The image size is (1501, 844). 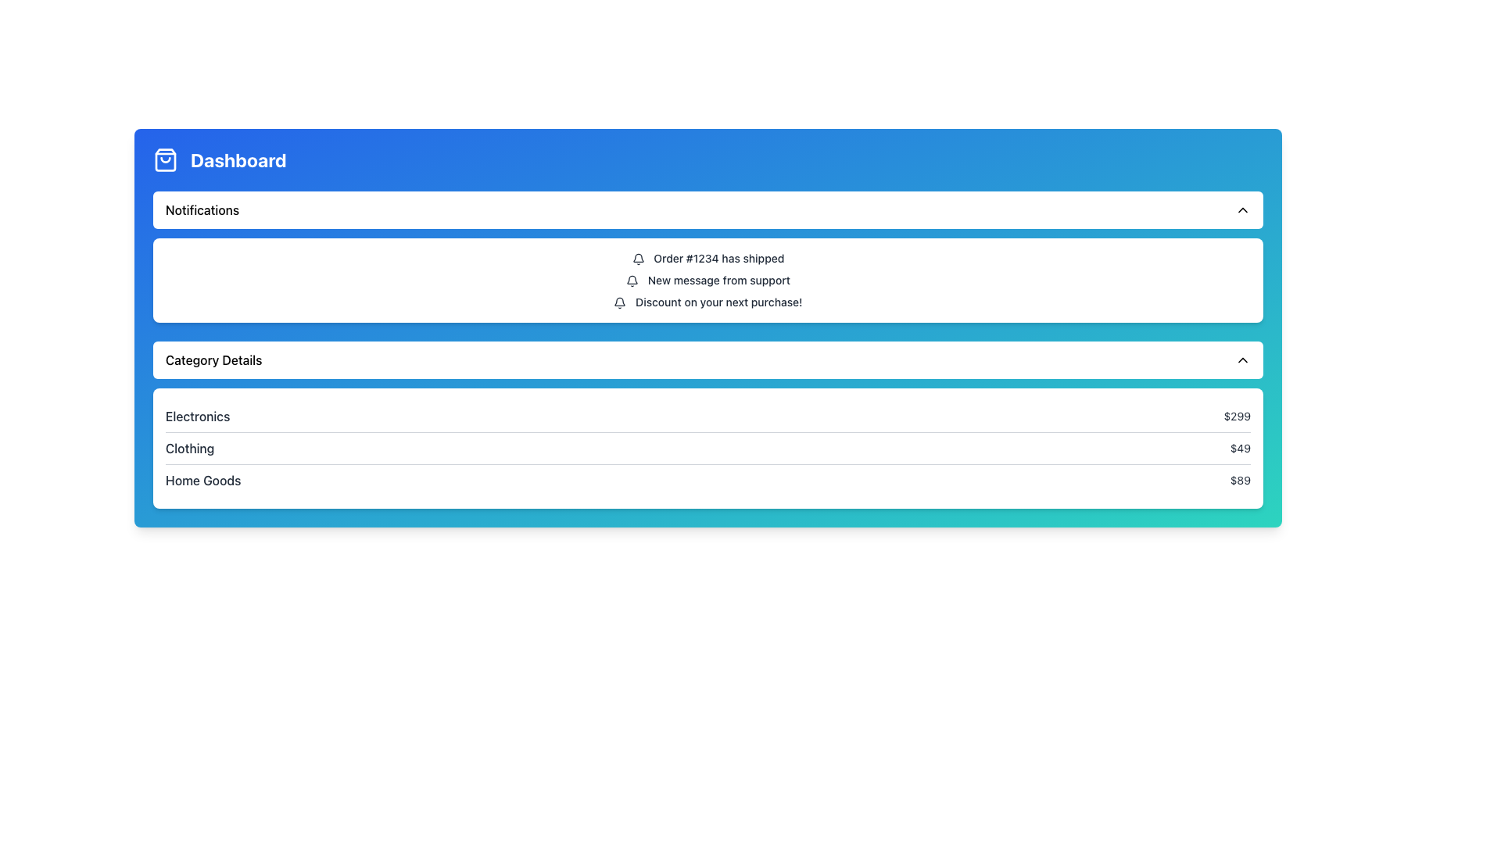 What do you see at coordinates (708, 258) in the screenshot?
I see `the Static Text notification that informs the user about the shipment of order '#1234', located under the 'Notifications' header` at bounding box center [708, 258].